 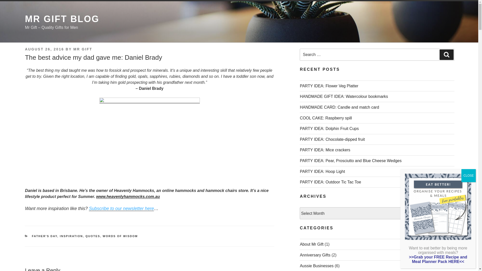 What do you see at coordinates (31, 236) in the screenshot?
I see `'FATHER'S DAY'` at bounding box center [31, 236].